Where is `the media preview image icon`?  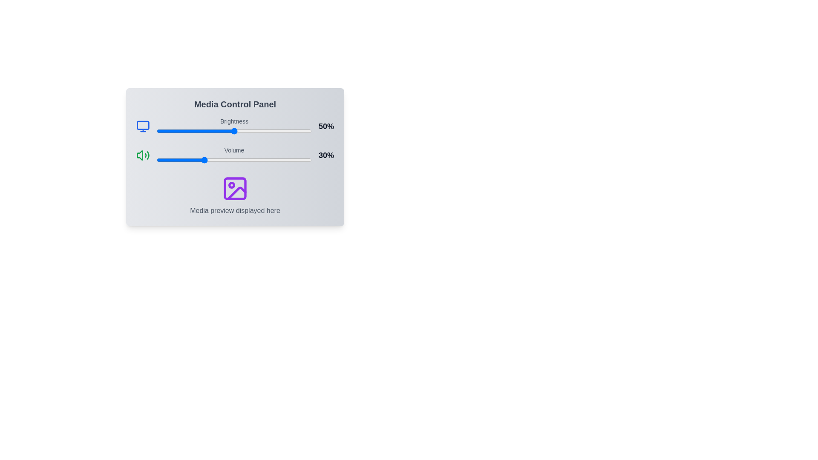
the media preview image icon is located at coordinates (235, 188).